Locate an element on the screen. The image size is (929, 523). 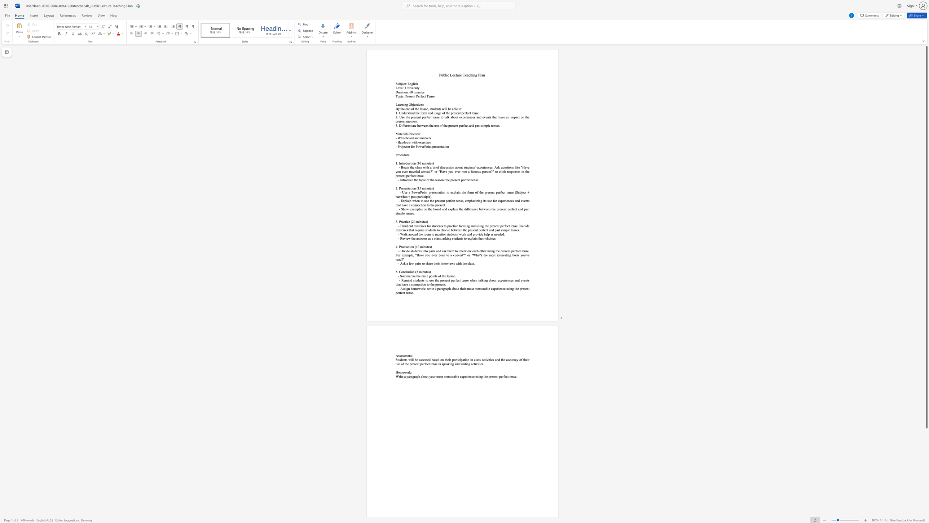
the subset text "mphasizing its use for experiences" within the text "- Explain when to use the present perfect tense, emphasizing its use for experiences and events that have a connection to the present." is located at coordinates (466, 200).